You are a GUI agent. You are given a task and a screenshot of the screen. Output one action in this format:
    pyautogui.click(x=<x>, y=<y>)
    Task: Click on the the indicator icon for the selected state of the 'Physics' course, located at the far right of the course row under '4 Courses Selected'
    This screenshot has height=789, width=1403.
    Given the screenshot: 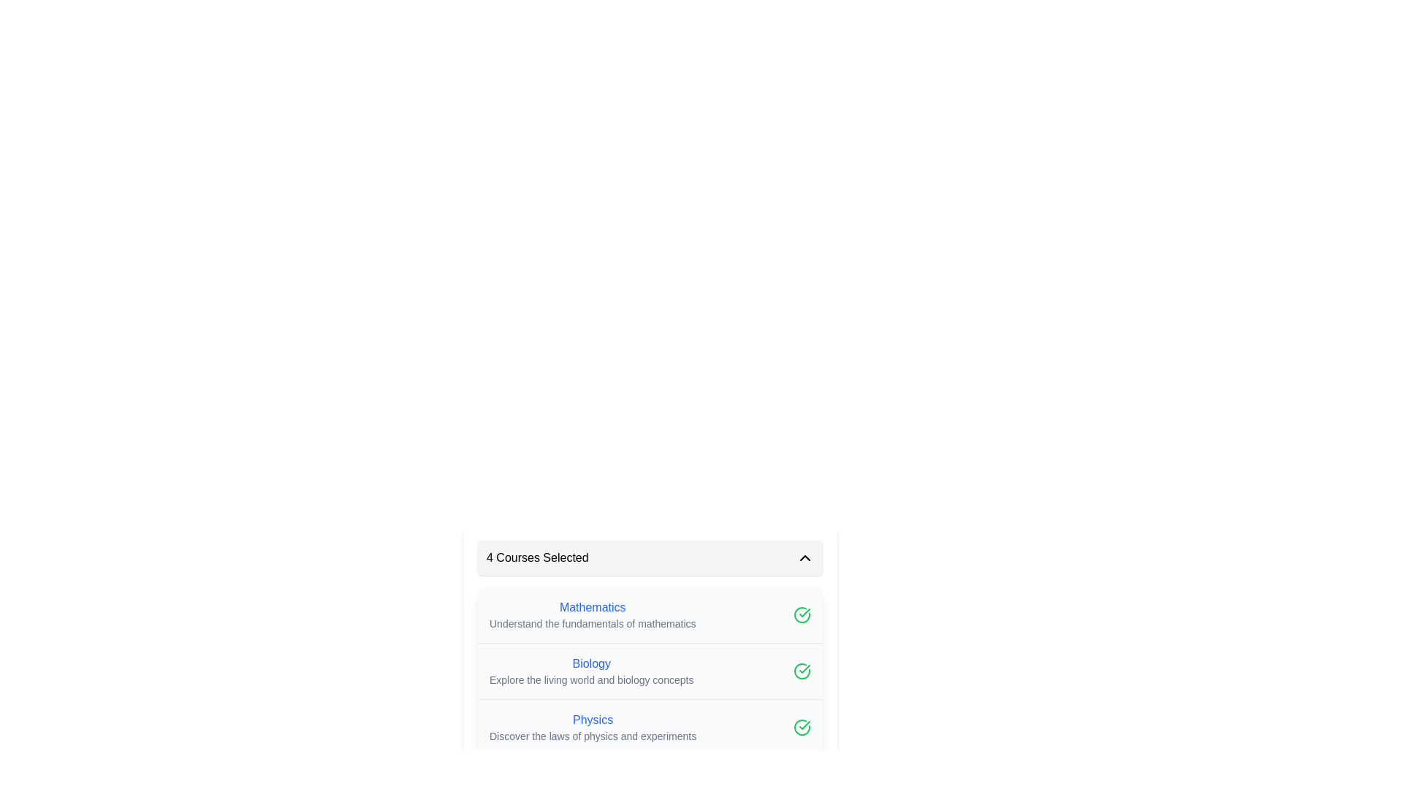 What is the action you would take?
    pyautogui.click(x=802, y=727)
    